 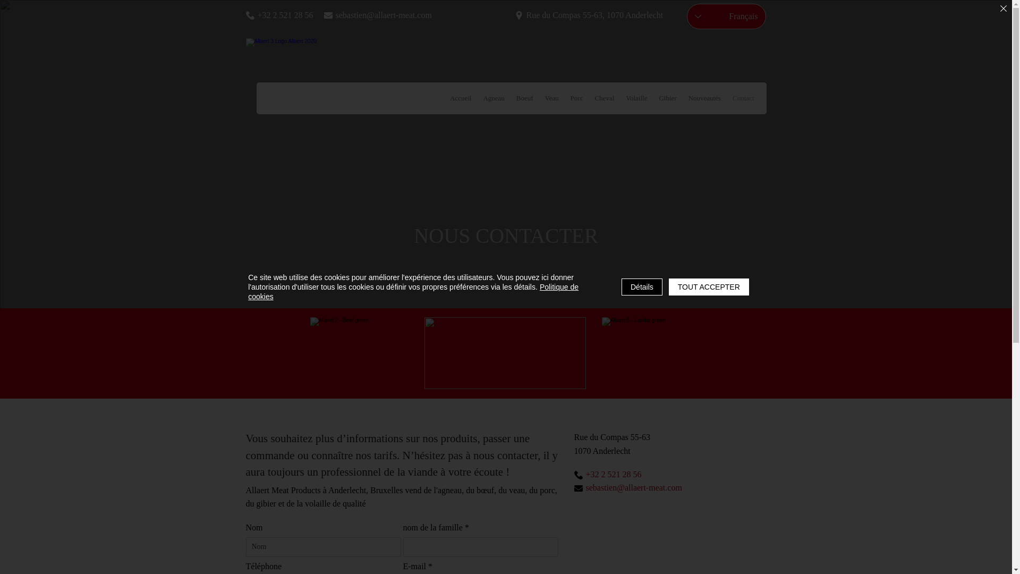 What do you see at coordinates (596, 15) in the screenshot?
I see `'Rue du Compas 55-63, 1070 Anderlecht'` at bounding box center [596, 15].